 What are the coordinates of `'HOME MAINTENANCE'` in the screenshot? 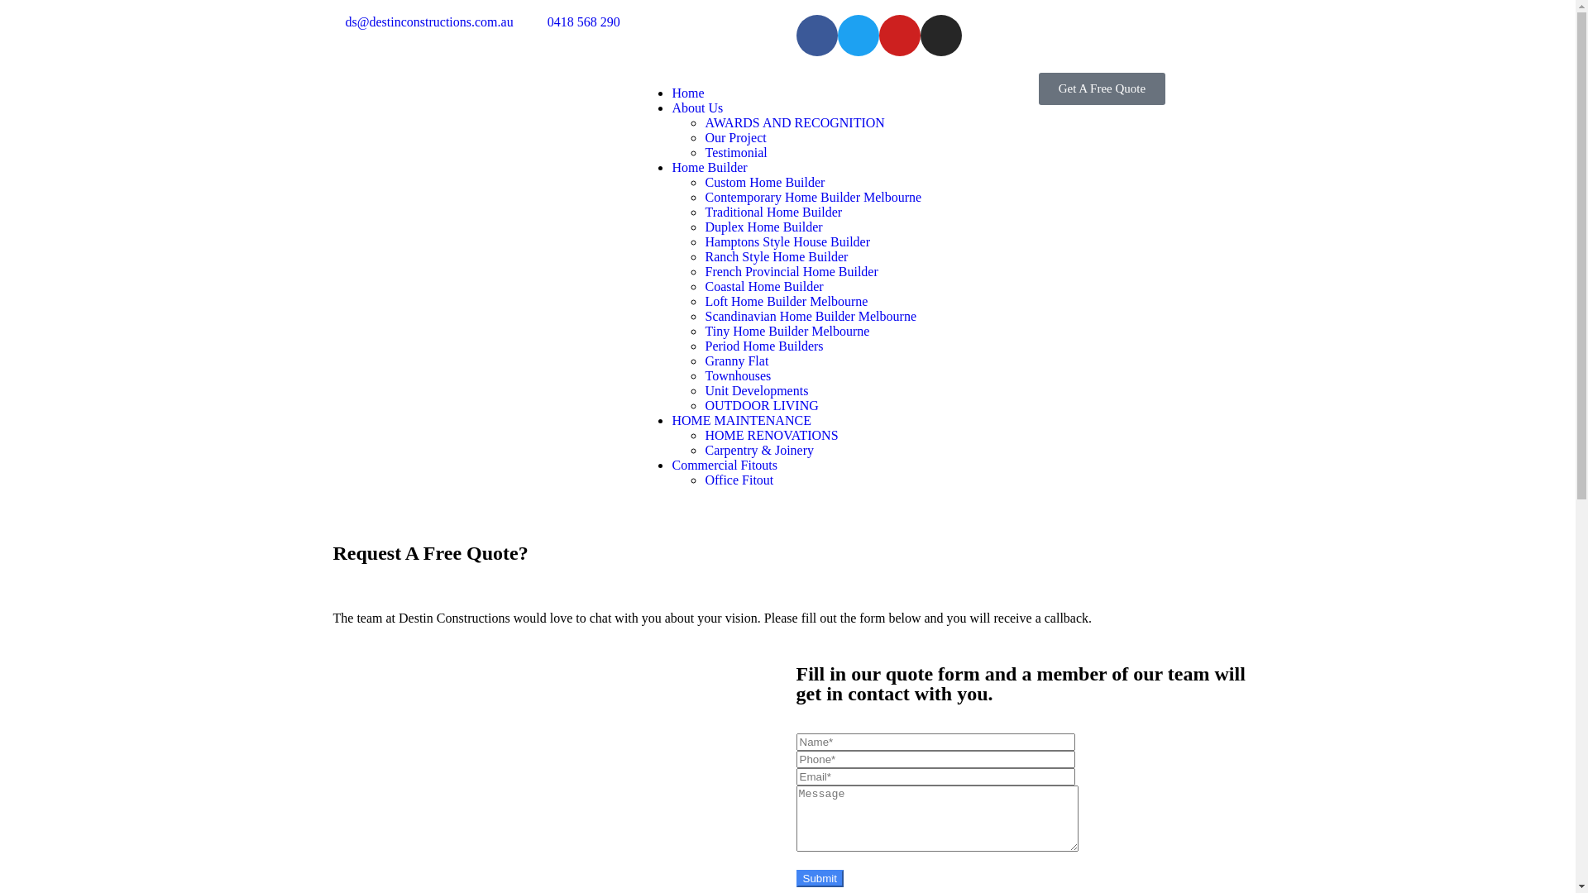 It's located at (671, 419).